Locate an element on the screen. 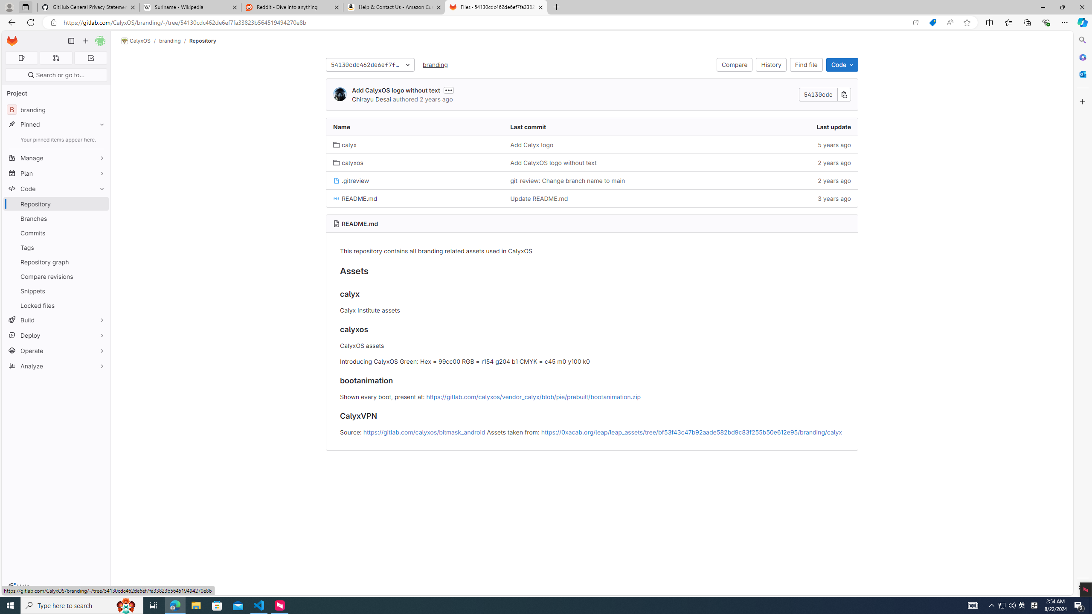  'B branding' is located at coordinates (55, 109).